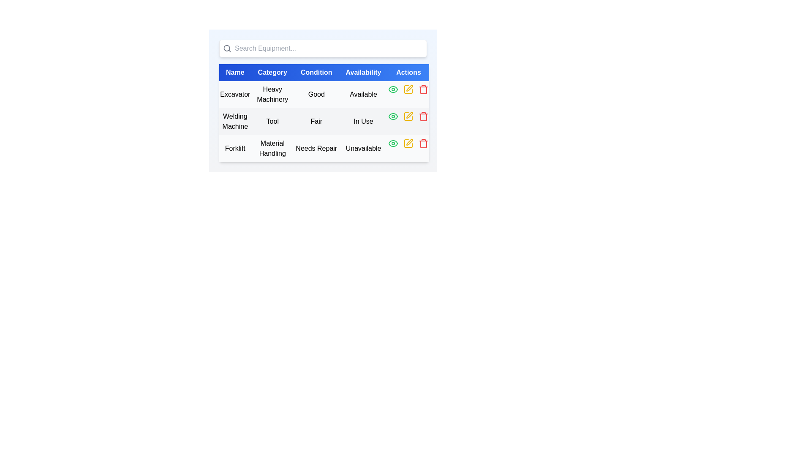 The image size is (811, 456). I want to click on the edit button, which is a small square icon with a yellow outline and a pen symbol, located under the 'Actions' column aligned with the 'Excavator' row, so click(408, 90).